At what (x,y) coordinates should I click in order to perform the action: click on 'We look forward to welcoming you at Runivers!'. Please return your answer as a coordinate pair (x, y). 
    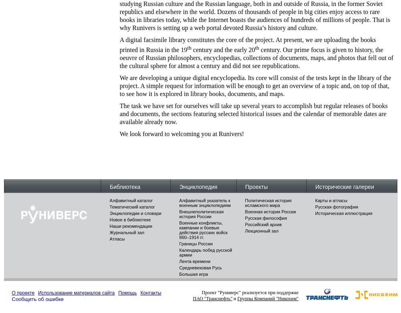
    Looking at the image, I should click on (181, 133).